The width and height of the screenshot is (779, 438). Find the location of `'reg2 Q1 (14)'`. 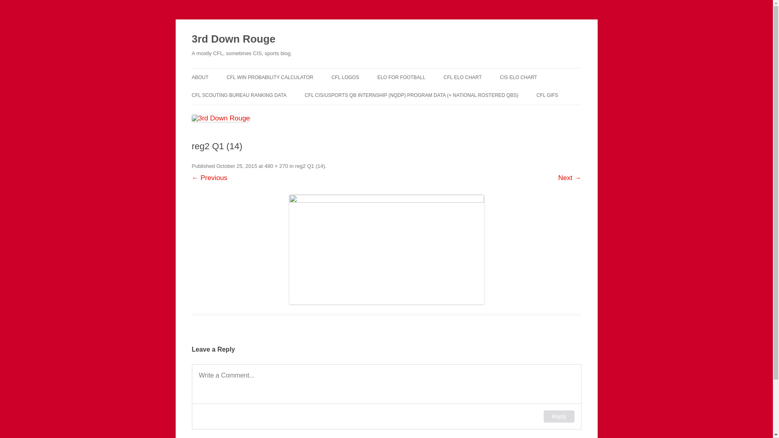

'reg2 Q1 (14)' is located at coordinates (309, 165).